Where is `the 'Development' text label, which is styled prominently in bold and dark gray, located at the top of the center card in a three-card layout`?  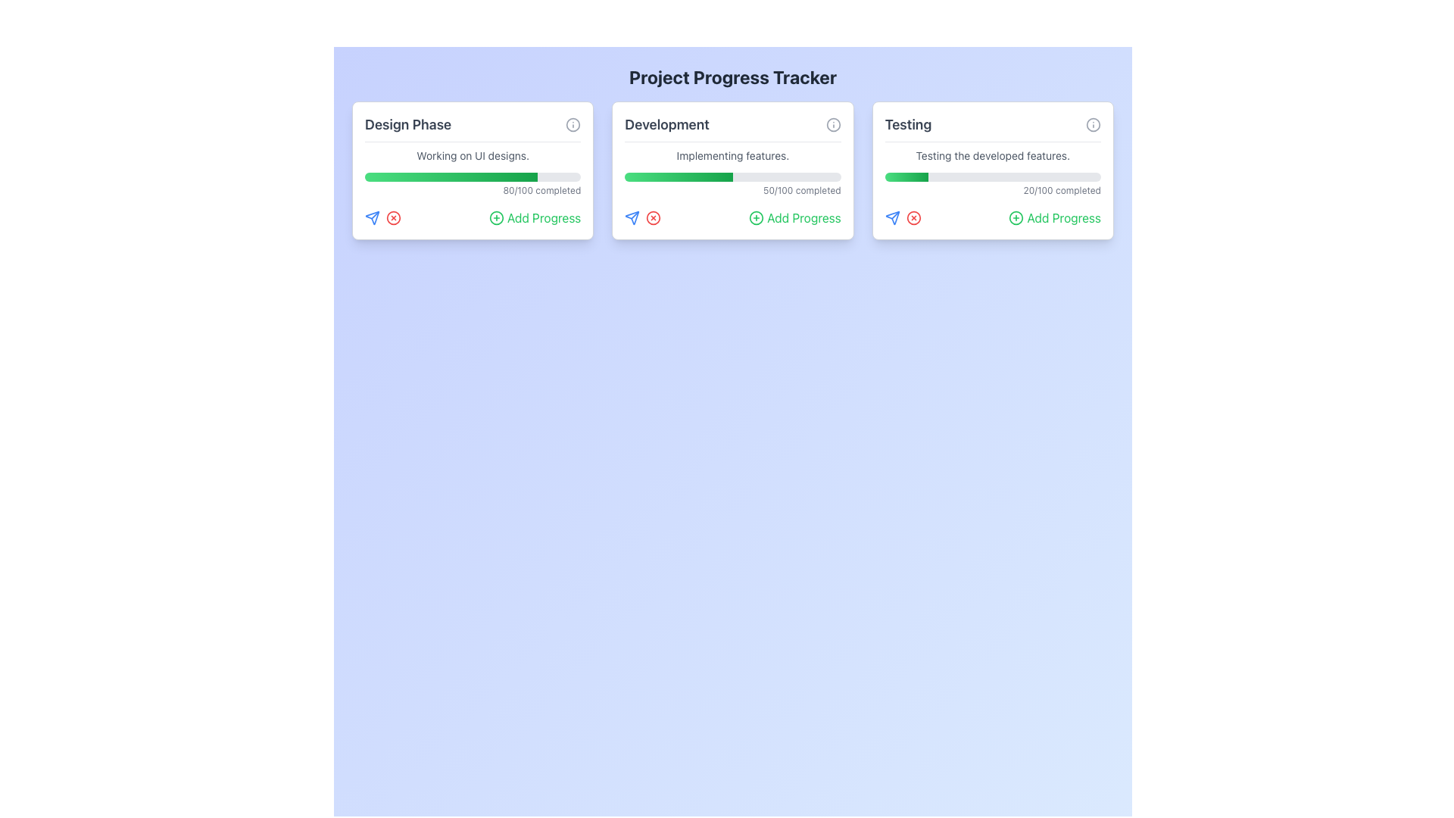
the 'Development' text label, which is styled prominently in bold and dark gray, located at the top of the center card in a three-card layout is located at coordinates (666, 124).